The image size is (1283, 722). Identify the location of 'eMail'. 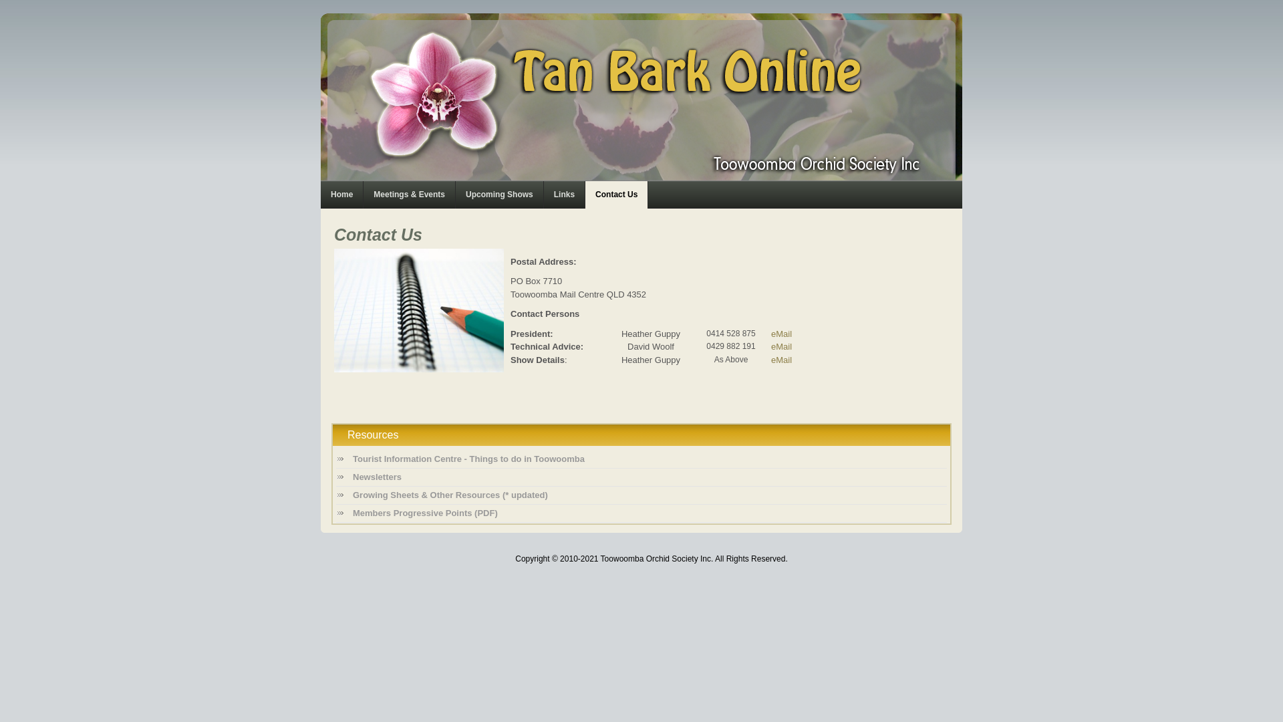
(770, 358).